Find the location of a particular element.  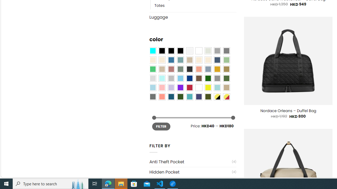

'Silver' is located at coordinates (171, 78).